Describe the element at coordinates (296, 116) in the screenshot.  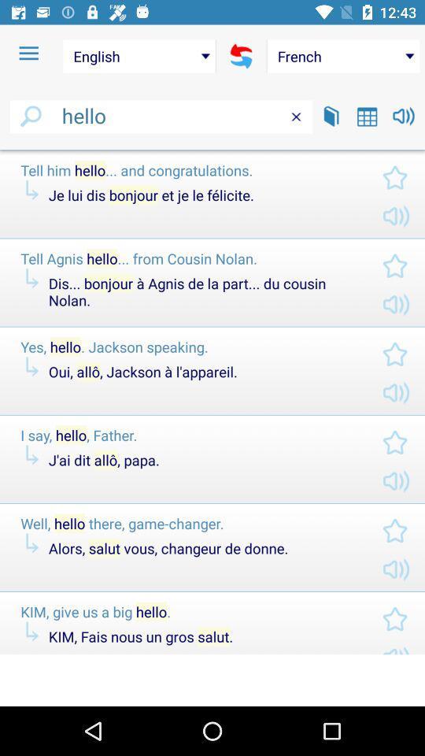
I see `erase the phrase` at that location.